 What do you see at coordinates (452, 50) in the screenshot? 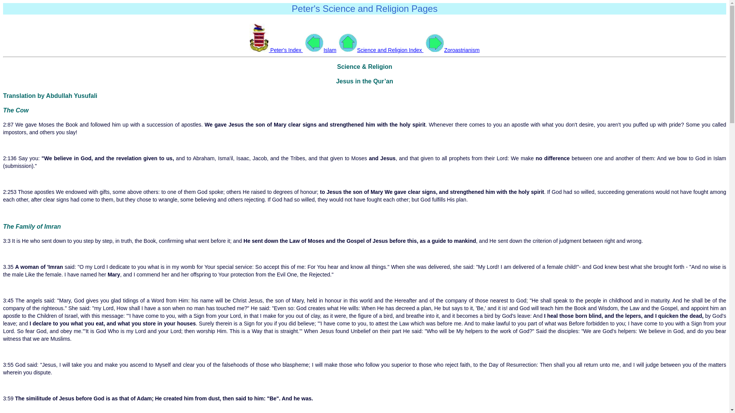
I see `'Zoroastrianism'` at bounding box center [452, 50].